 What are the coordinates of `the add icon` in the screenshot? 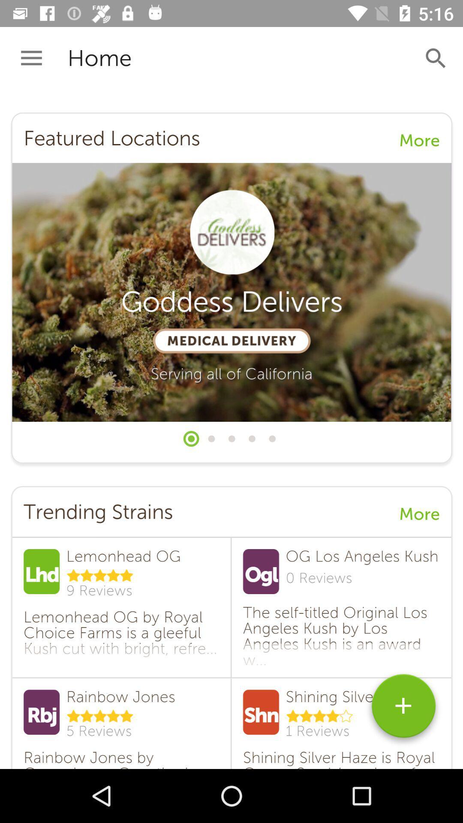 It's located at (403, 709).